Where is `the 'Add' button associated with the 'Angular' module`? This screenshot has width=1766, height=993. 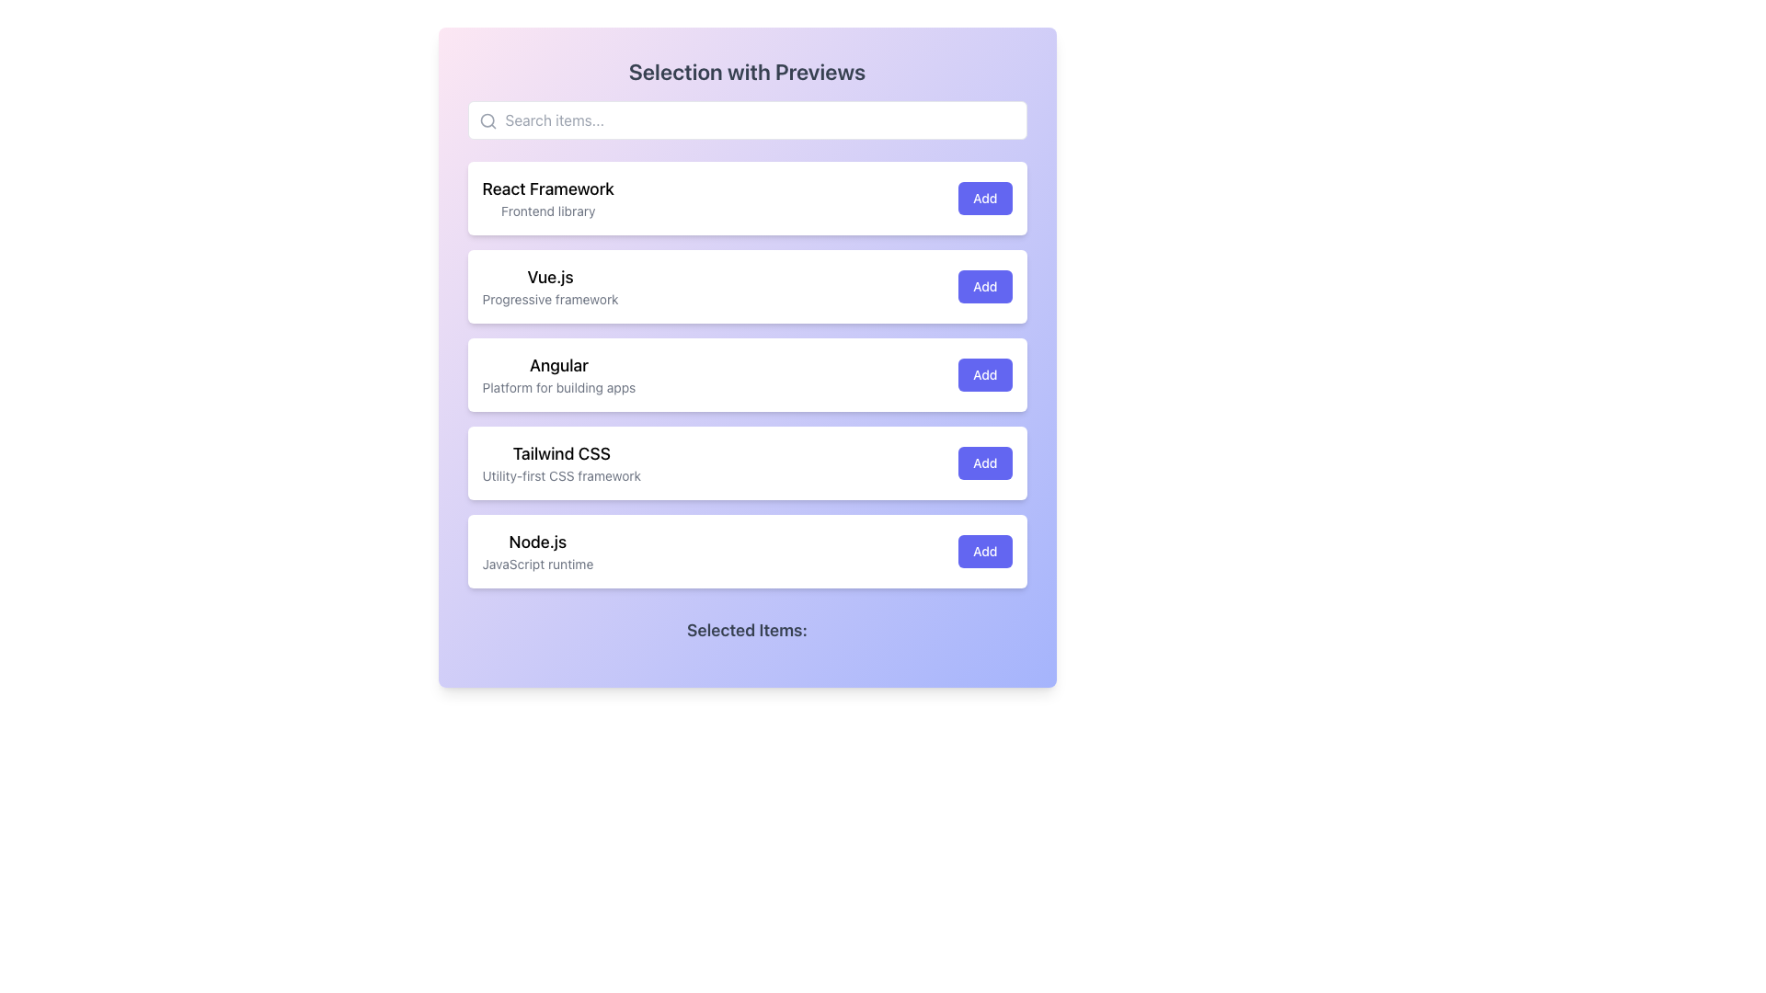 the 'Add' button associated with the 'Angular' module is located at coordinates (984, 374).